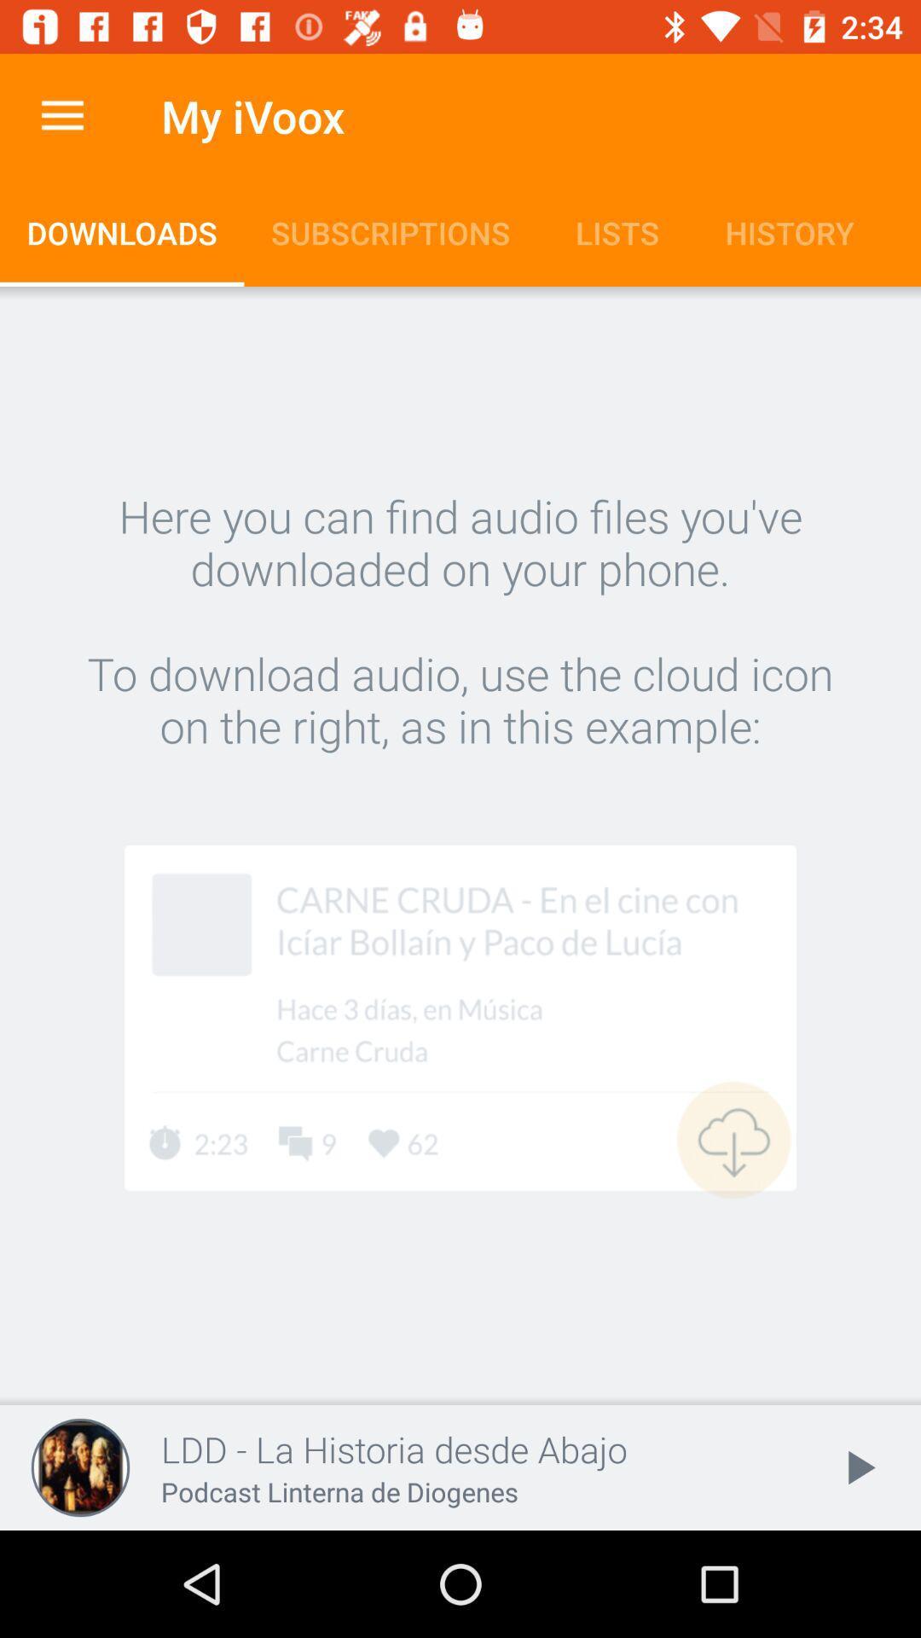  I want to click on the item above the downloads item, so click(61, 115).